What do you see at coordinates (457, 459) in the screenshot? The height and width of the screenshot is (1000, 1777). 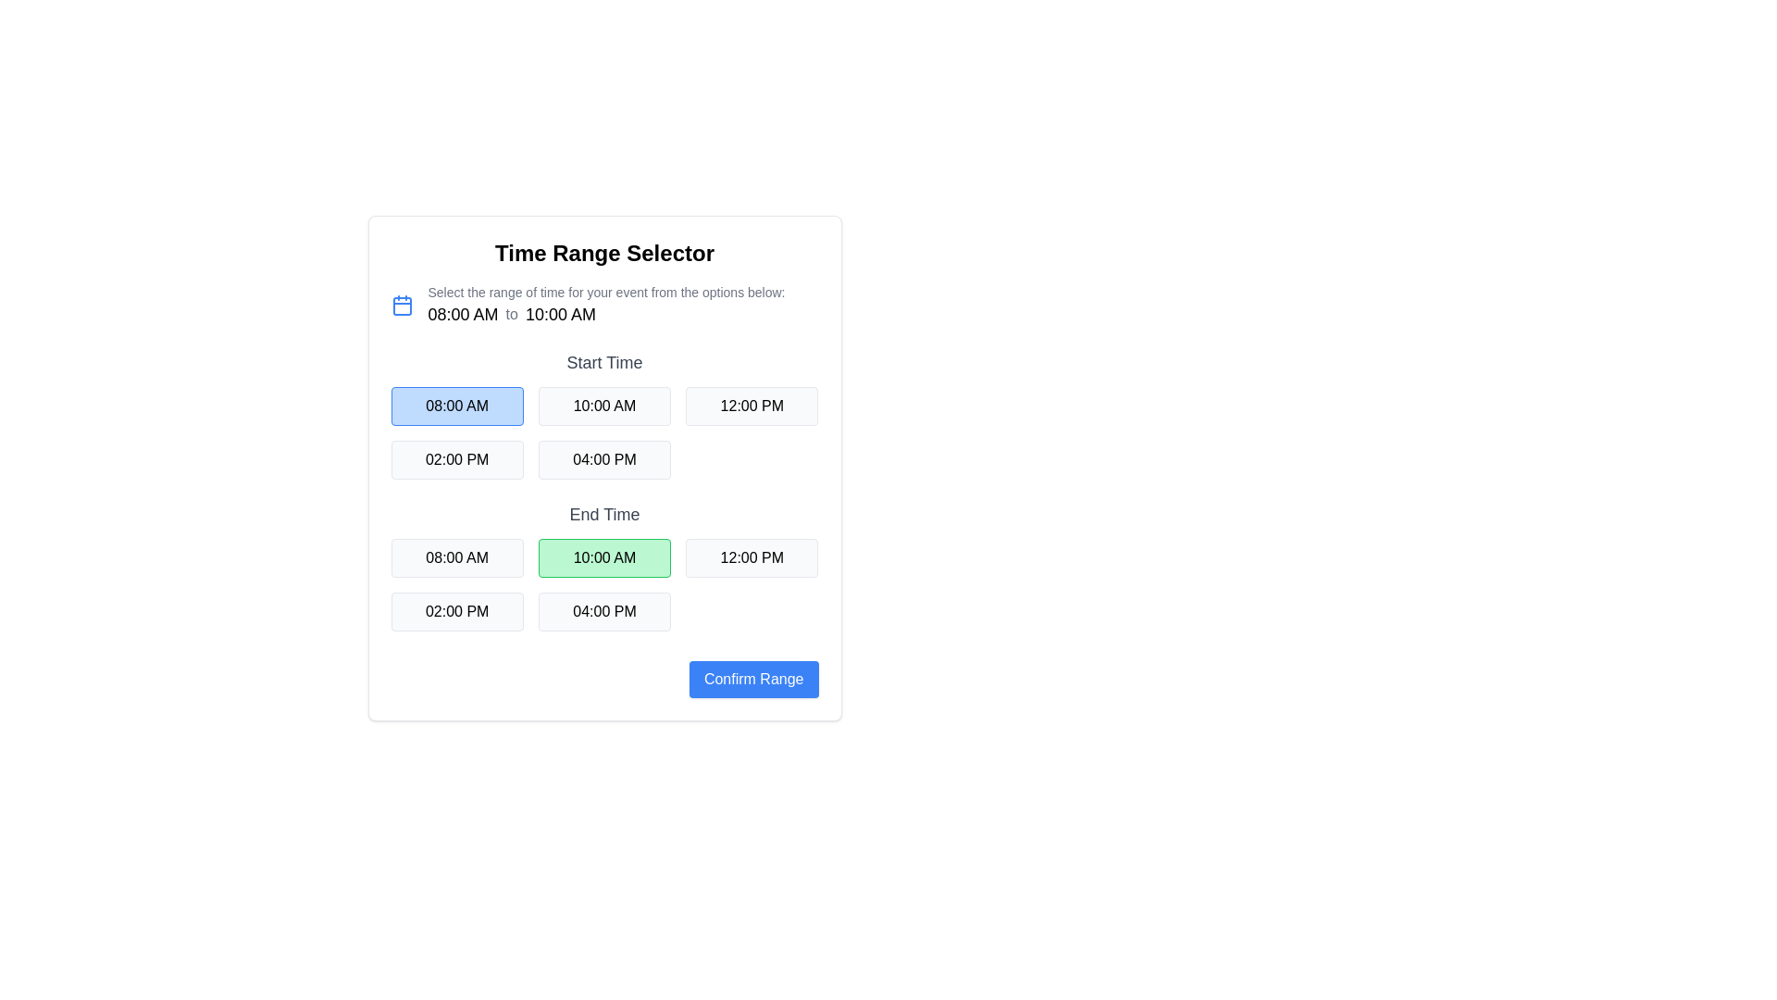 I see `the '02:00 PM' button located in the second row, first column of the time selection grid` at bounding box center [457, 459].